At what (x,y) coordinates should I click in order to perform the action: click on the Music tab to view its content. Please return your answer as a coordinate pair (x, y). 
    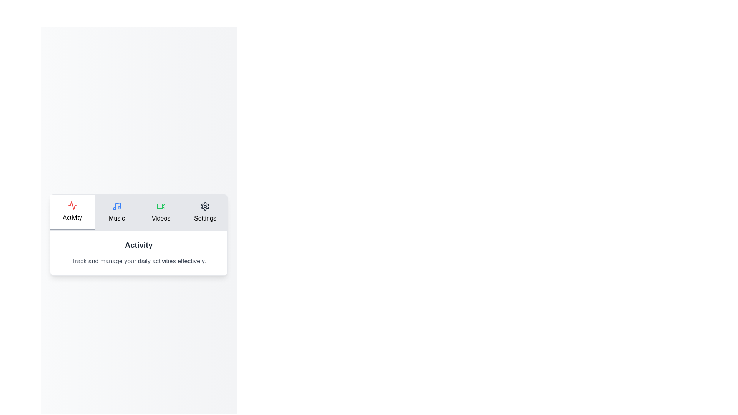
    Looking at the image, I should click on (116, 212).